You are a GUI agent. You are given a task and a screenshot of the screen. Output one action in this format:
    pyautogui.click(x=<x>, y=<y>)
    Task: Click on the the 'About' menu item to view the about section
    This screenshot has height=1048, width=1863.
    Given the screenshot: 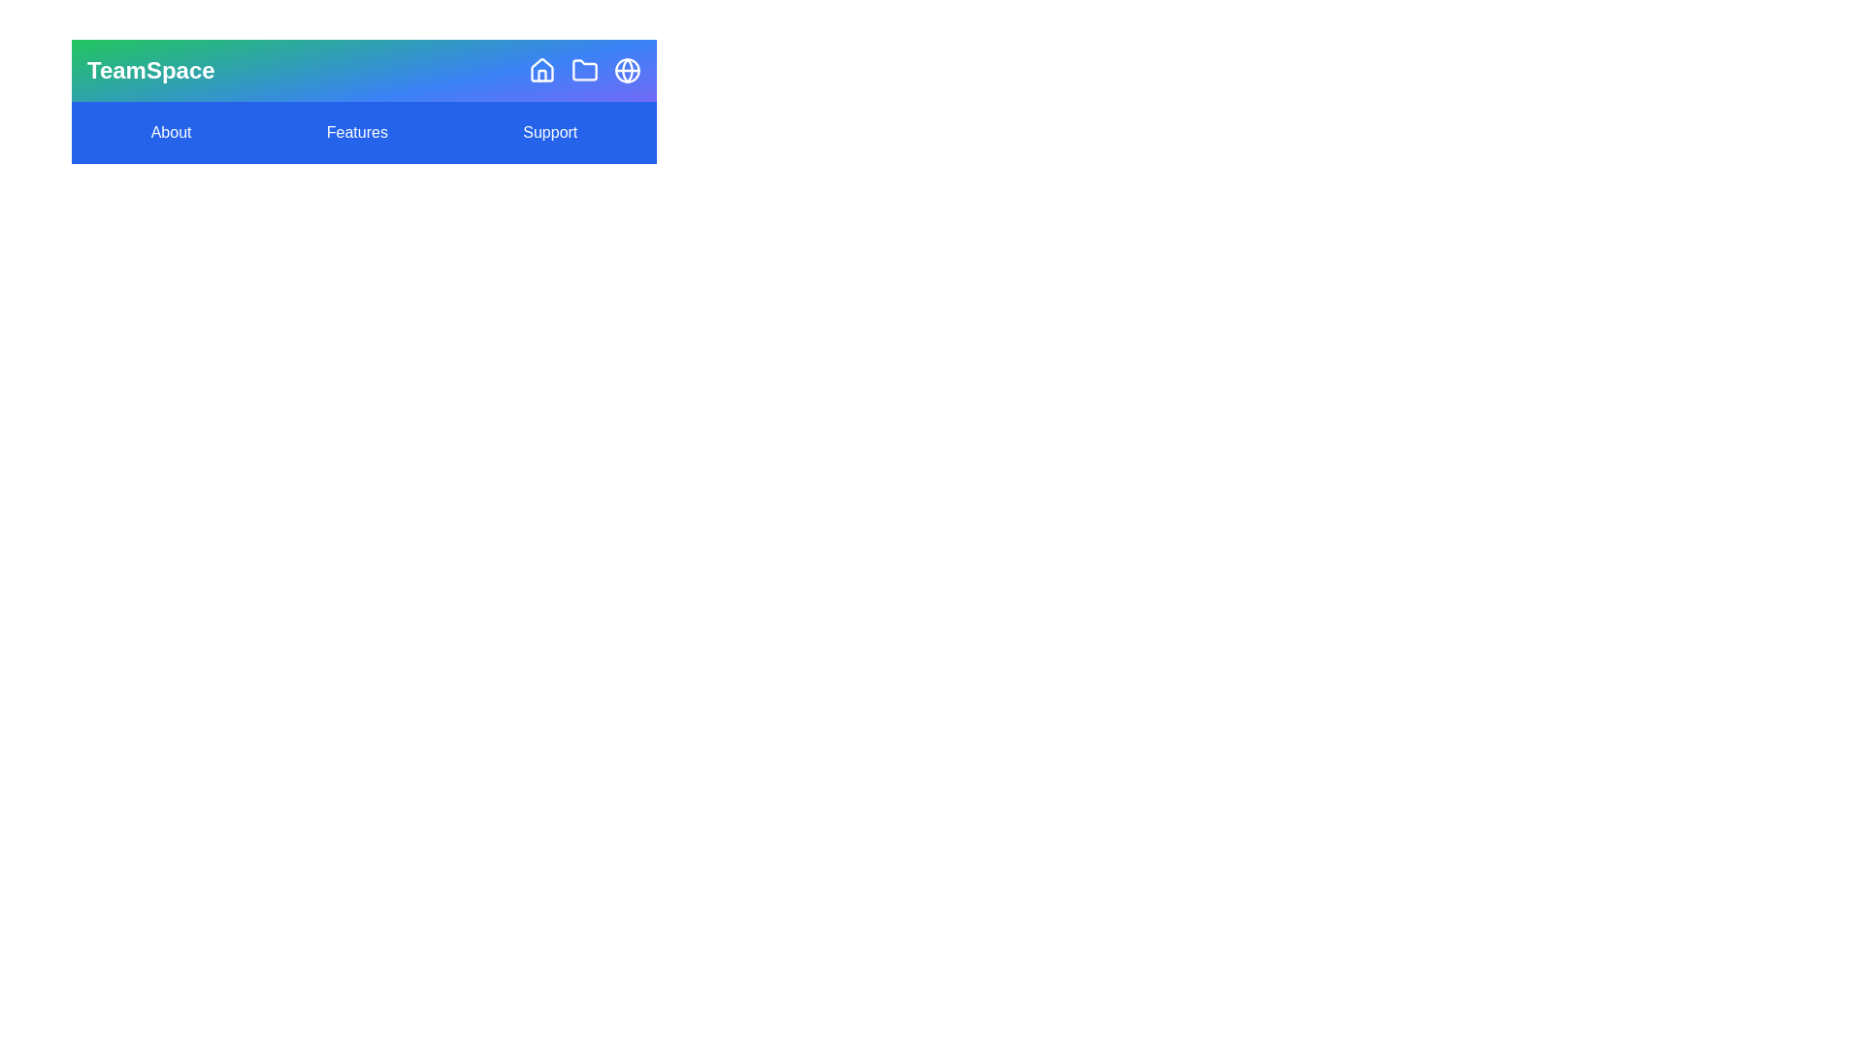 What is the action you would take?
    pyautogui.click(x=171, y=132)
    